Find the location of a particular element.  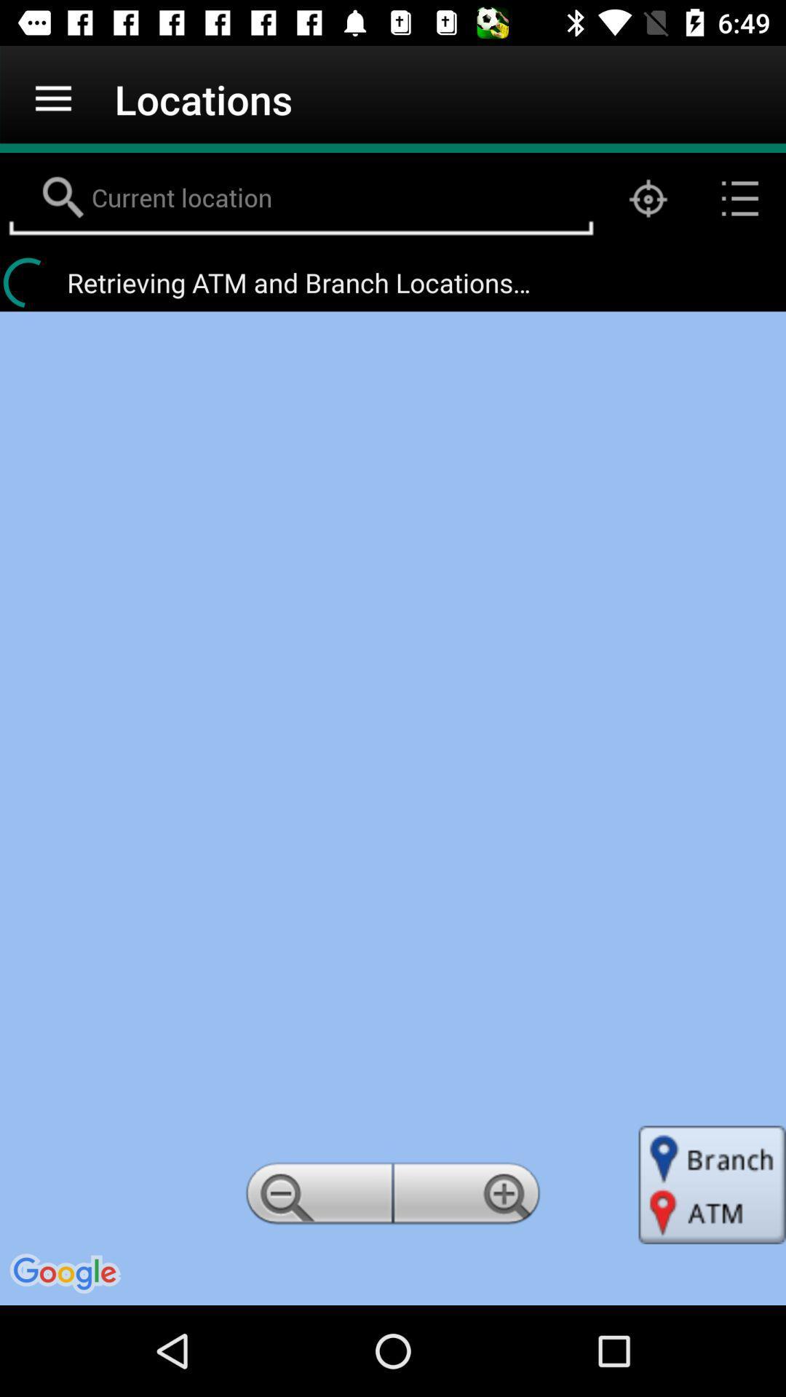

the item to the left of the locations item is located at coordinates (52, 98).